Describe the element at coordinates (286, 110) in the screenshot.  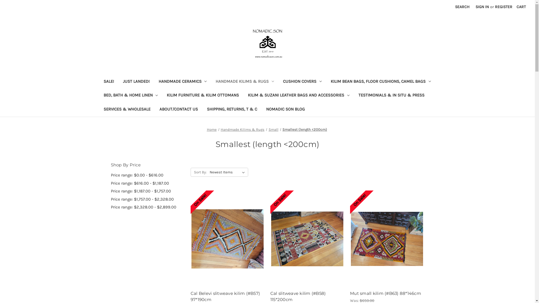
I see `'NOMADIC SON BLOG'` at that location.